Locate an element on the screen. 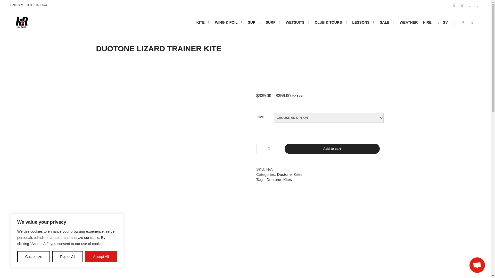  'WING & FOIL' is located at coordinates (225, 22).